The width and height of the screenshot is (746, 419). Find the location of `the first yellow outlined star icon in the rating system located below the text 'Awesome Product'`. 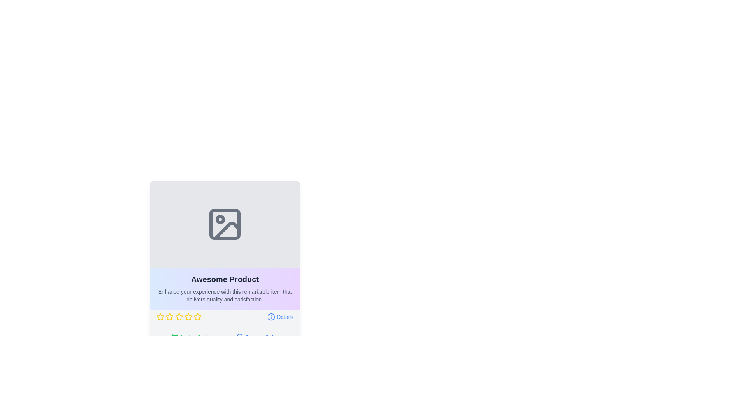

the first yellow outlined star icon in the rating system located below the text 'Awesome Product' is located at coordinates (169, 317).